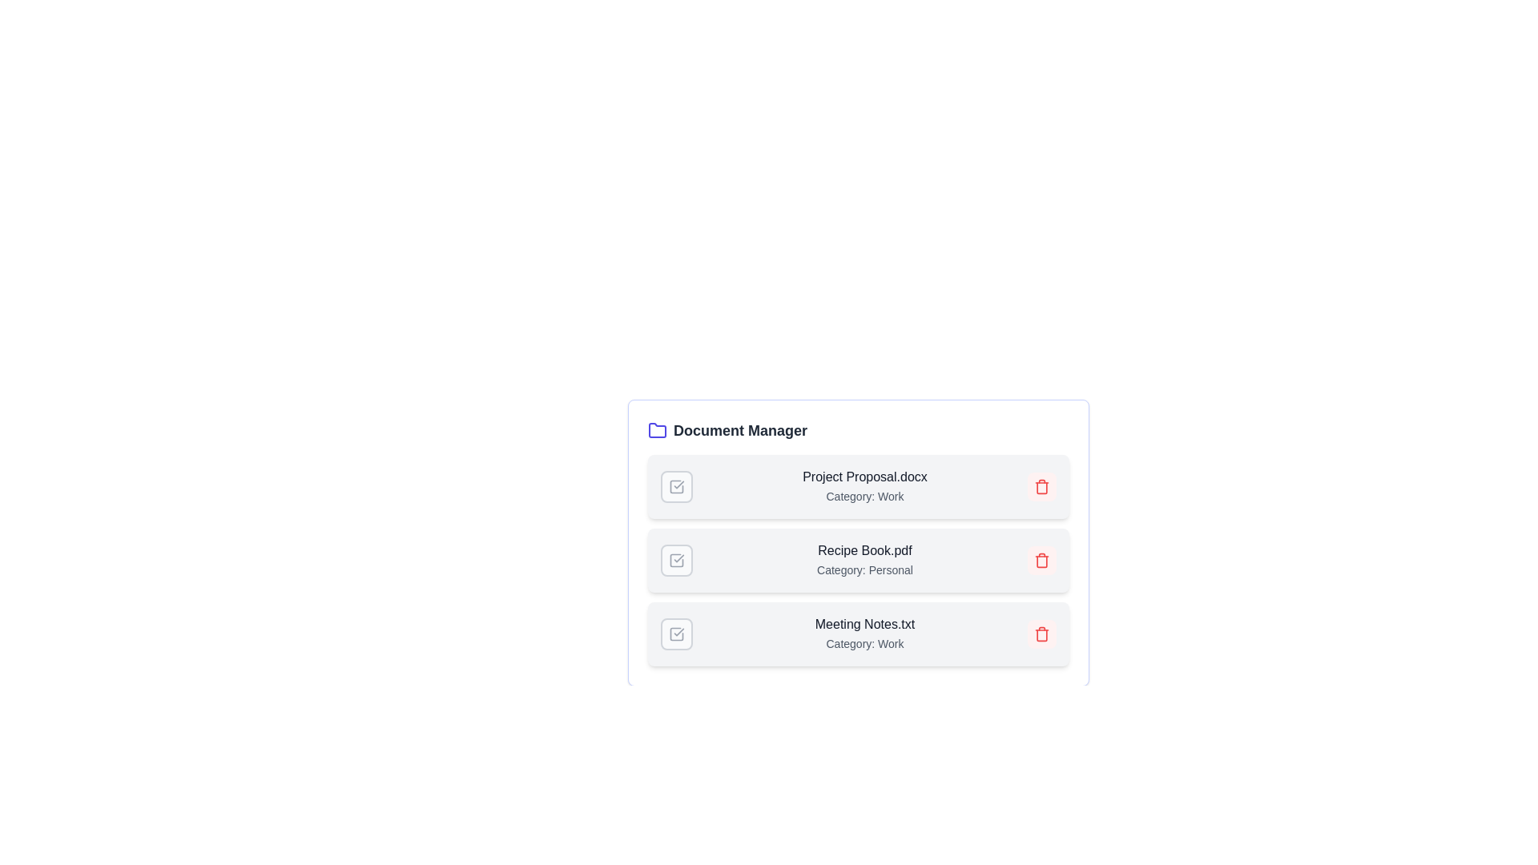 Image resolution: width=1538 pixels, height=865 pixels. Describe the element at coordinates (676, 633) in the screenshot. I see `the Checkbox icon located in the third row of the 'Document Manager' section, adjacent to 'Meeting Notes.txt'` at that location.